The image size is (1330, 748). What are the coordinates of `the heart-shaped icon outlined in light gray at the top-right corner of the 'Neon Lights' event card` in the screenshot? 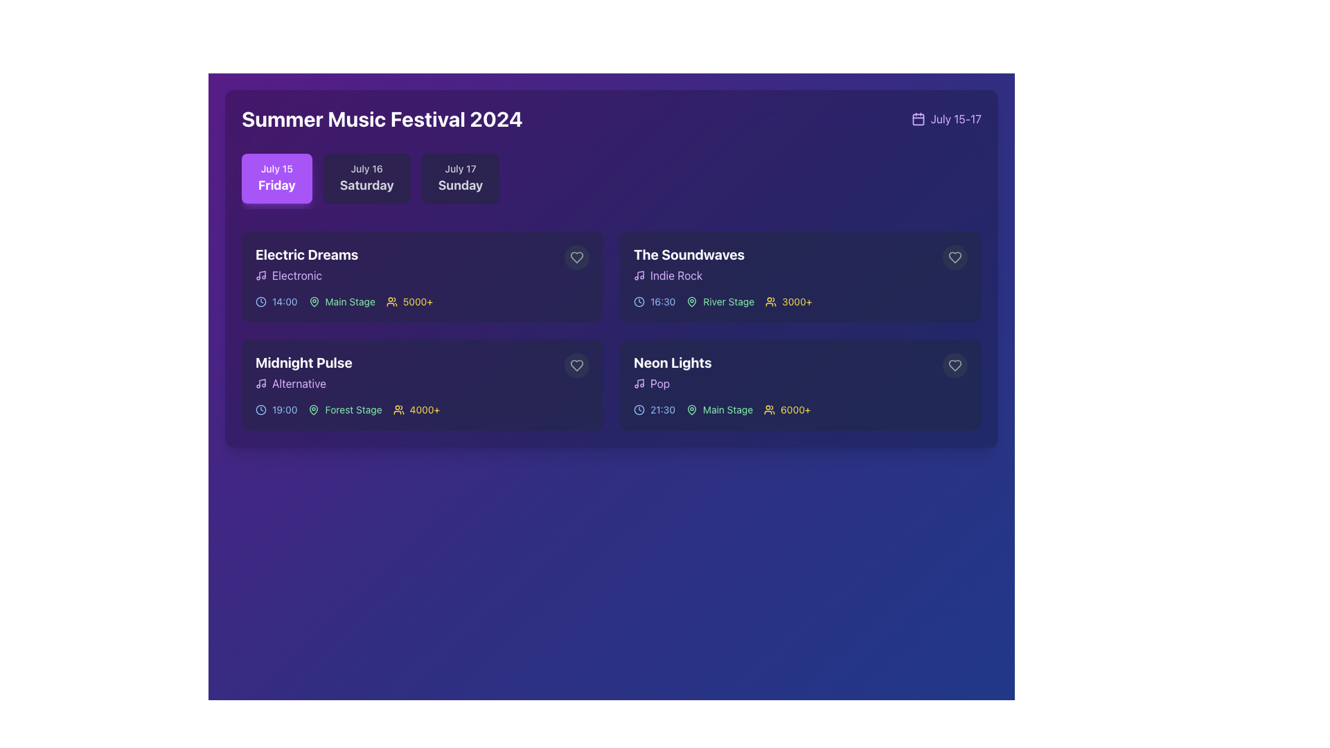 It's located at (954, 365).